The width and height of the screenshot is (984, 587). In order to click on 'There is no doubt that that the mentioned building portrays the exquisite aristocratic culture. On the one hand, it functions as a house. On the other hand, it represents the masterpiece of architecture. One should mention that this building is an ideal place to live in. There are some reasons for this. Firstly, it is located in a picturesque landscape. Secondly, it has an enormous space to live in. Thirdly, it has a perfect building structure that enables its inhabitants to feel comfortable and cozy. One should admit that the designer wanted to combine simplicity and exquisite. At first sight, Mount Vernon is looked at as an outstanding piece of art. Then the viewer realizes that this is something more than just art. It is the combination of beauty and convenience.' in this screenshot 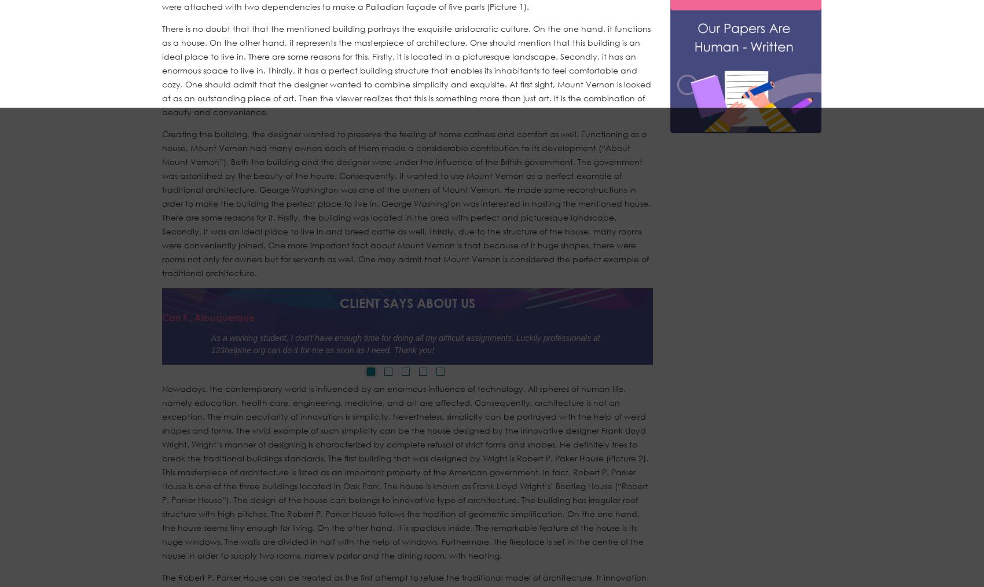, I will do `click(406, 69)`.